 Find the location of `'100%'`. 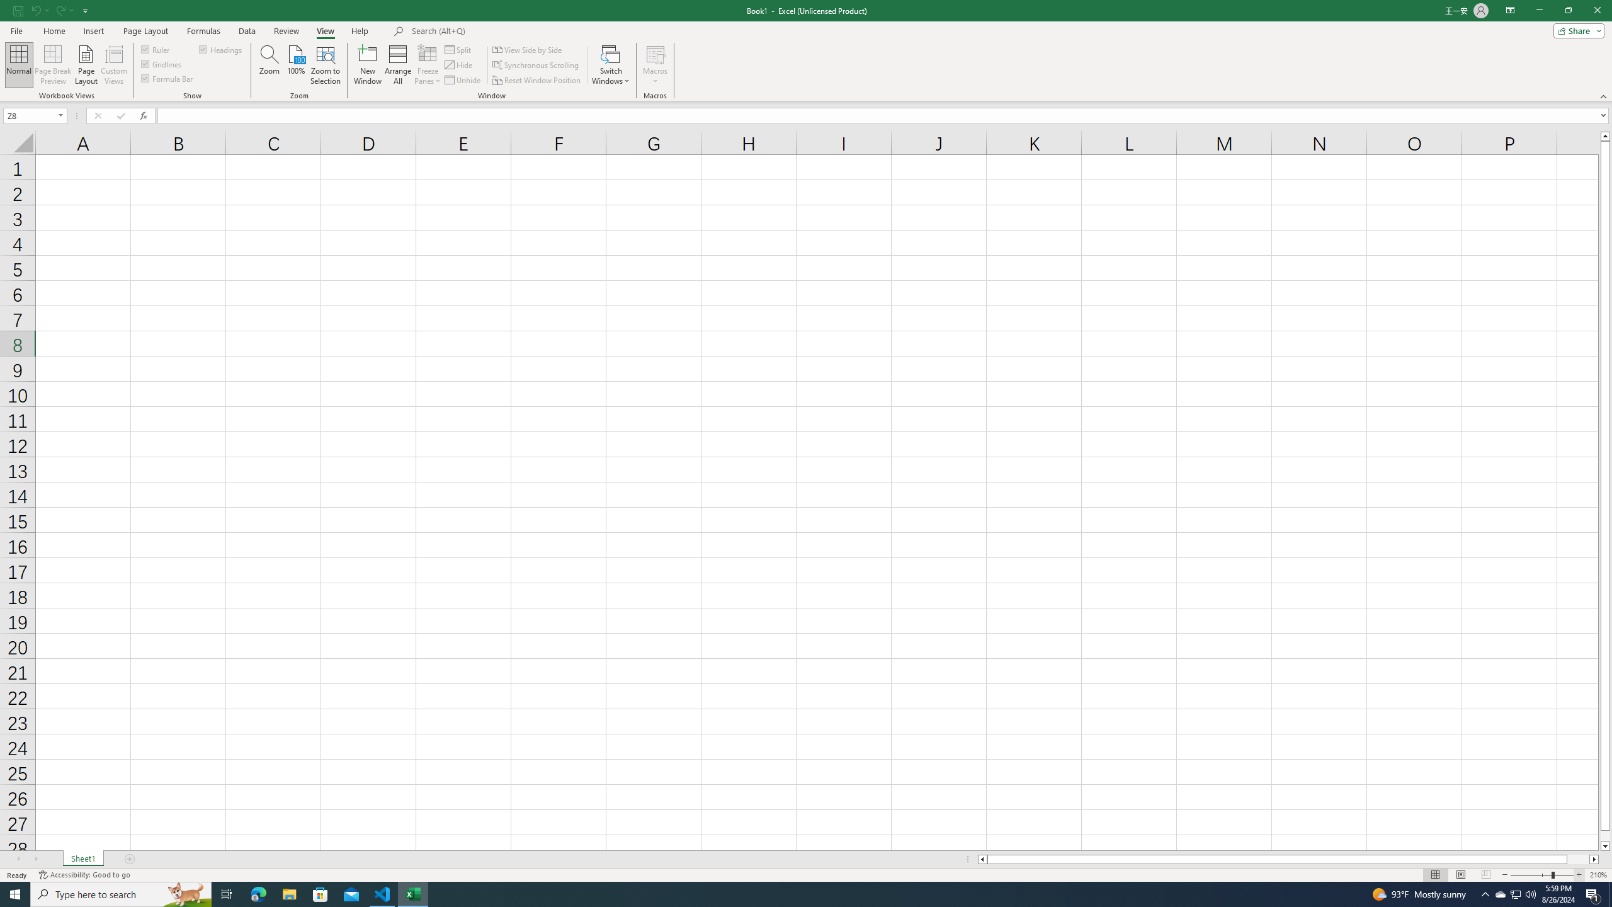

'100%' is located at coordinates (295, 65).